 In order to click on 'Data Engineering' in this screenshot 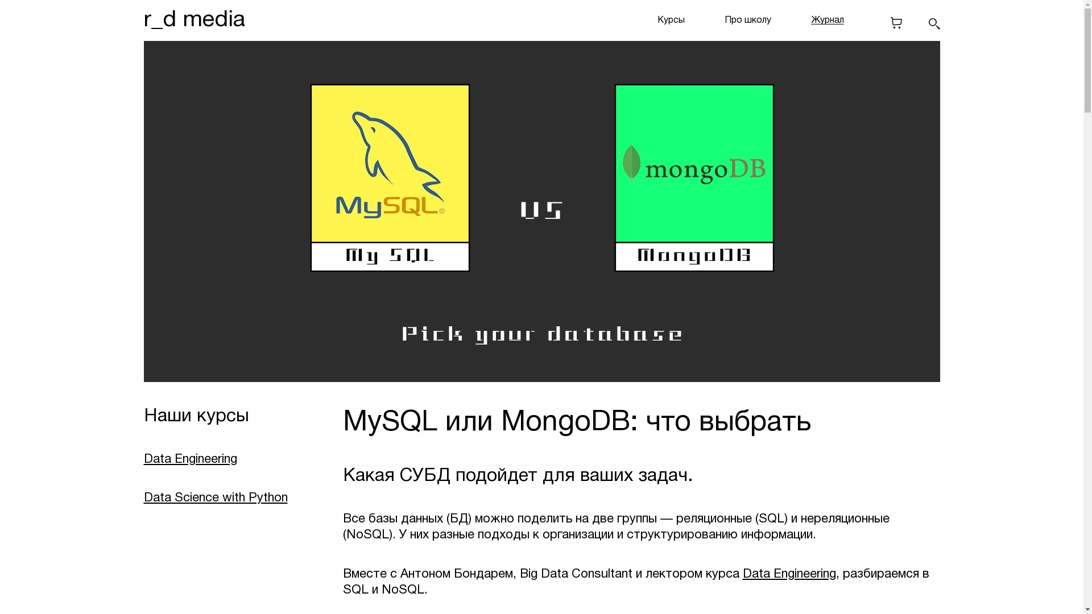, I will do `click(742, 574)`.